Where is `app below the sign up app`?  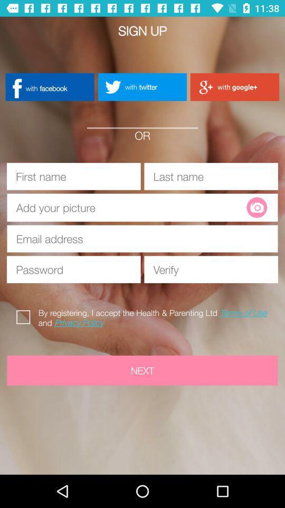
app below the sign up app is located at coordinates (234, 86).